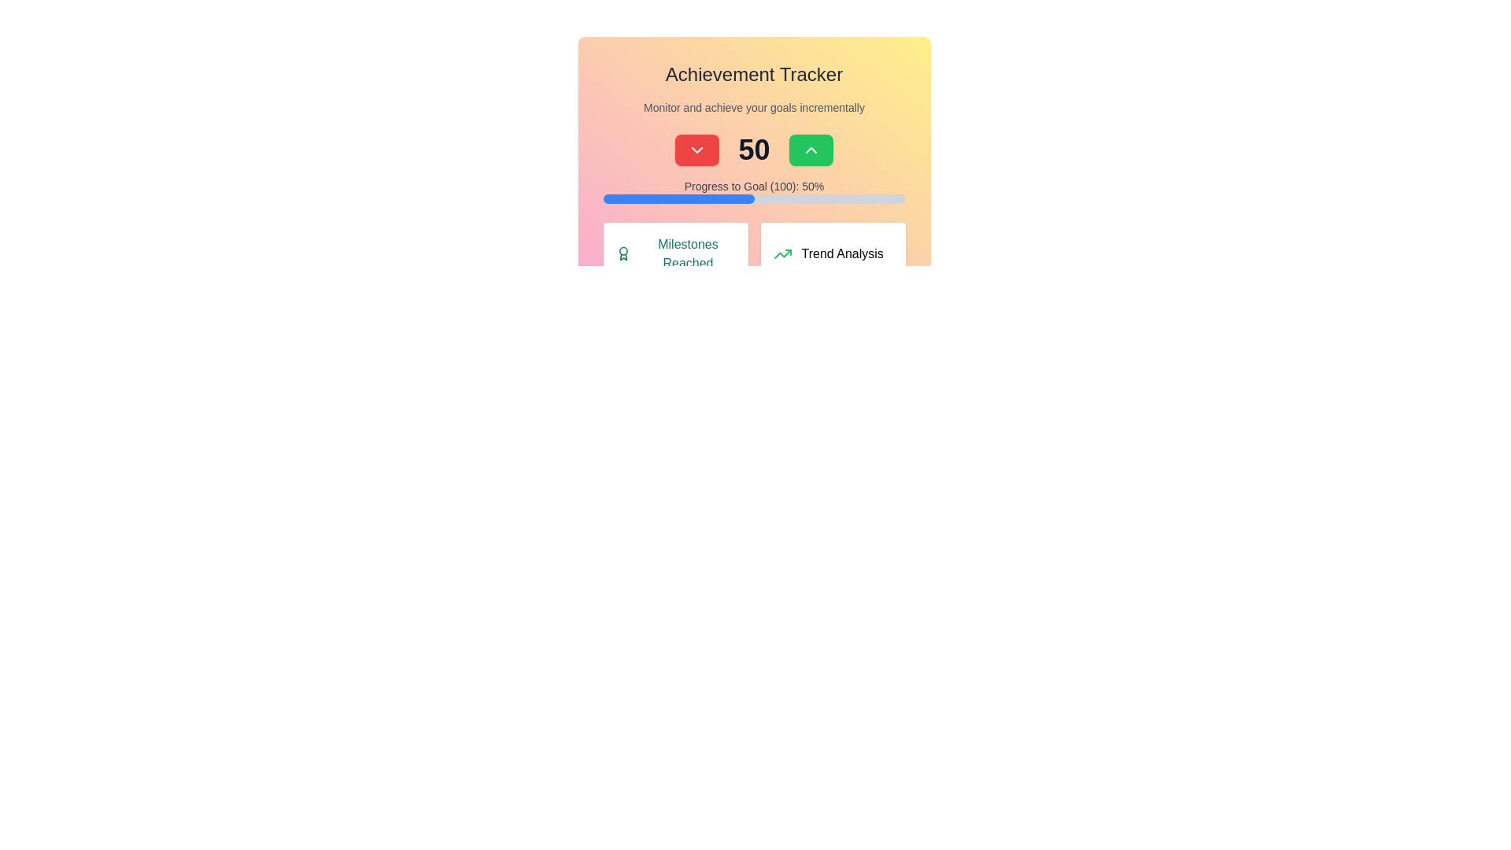  What do you see at coordinates (782, 253) in the screenshot?
I see `the green upwards arrow icon located next to the 'Trend Analysis' text, which symbolizes a positive trend, within the 'Trend Analysis' card` at bounding box center [782, 253].